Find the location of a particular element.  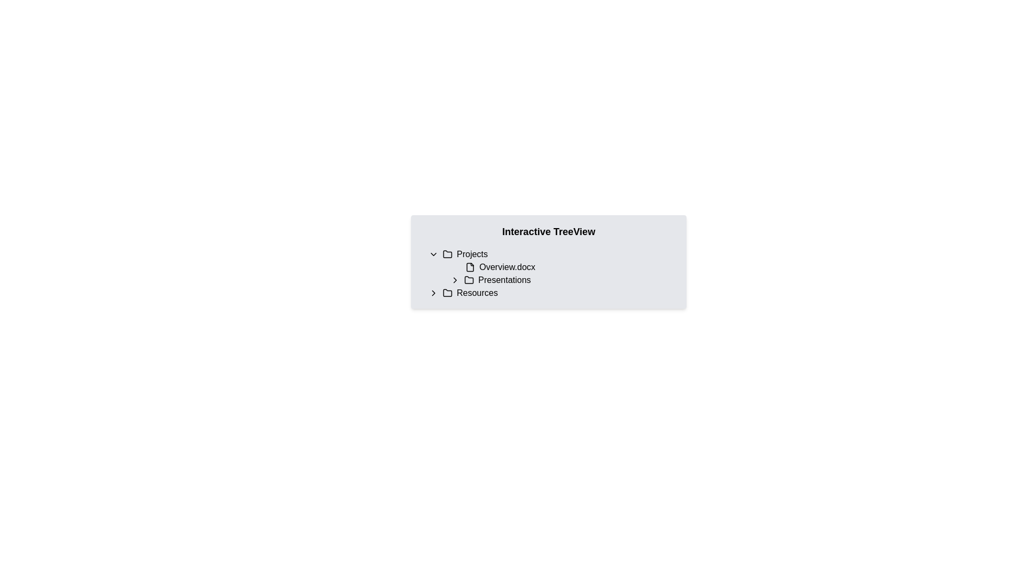

the 'Presentations' text label in the tree view navigation component is located at coordinates (504, 279).